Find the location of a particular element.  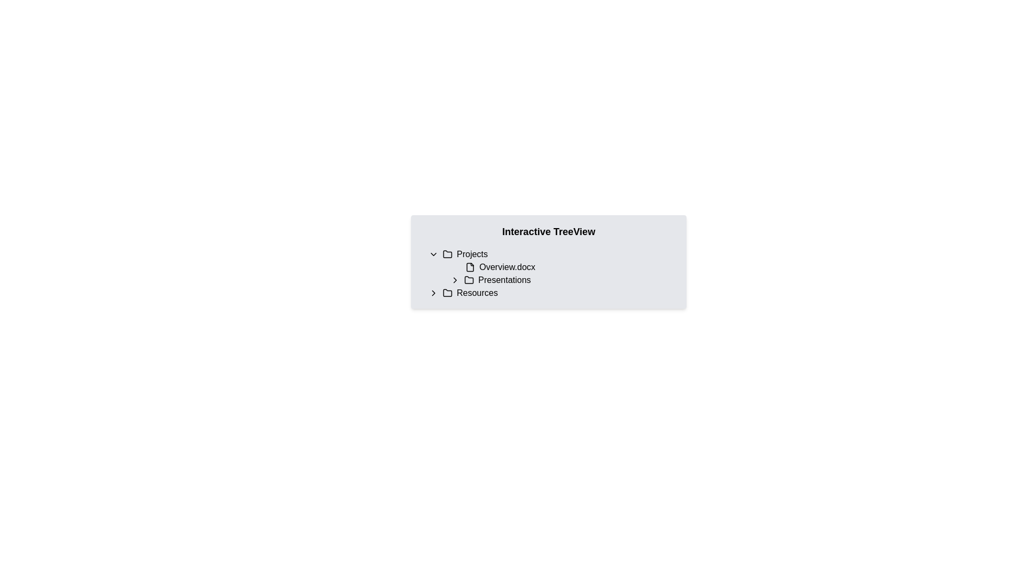

the 'Presentations' text label in the tree view navigation component is located at coordinates (504, 279).